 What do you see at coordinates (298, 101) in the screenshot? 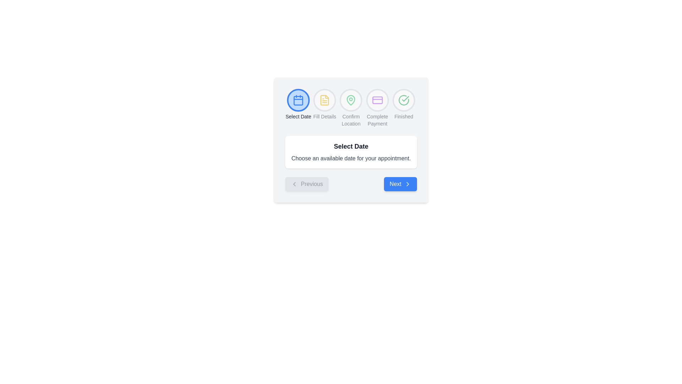
I see `the decorative element that represents the body of the calendar icon, which is the first icon in a group of five at the top of the interface` at bounding box center [298, 101].